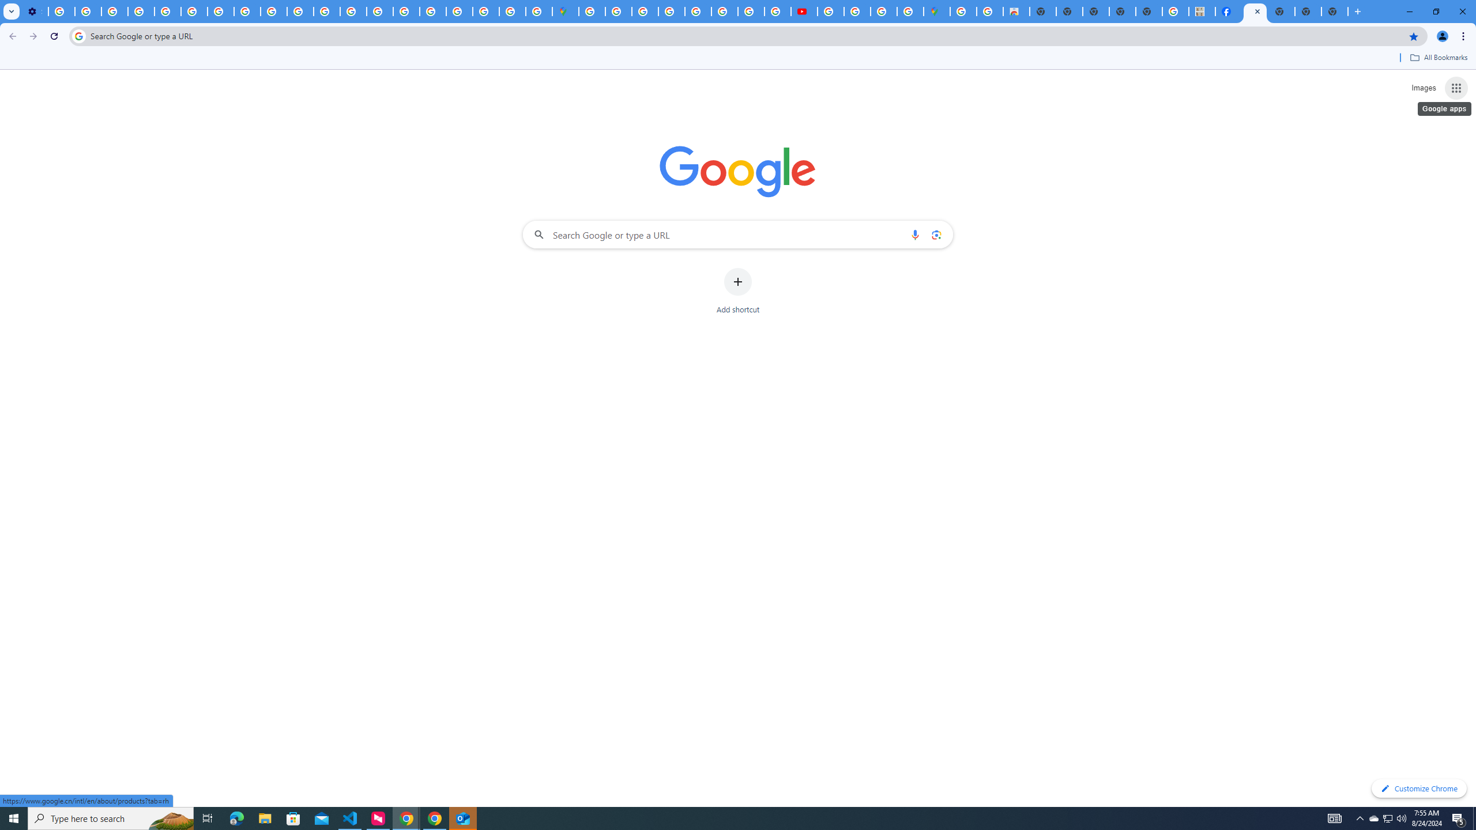 This screenshot has height=830, width=1476. I want to click on 'Subscriptions - YouTube', so click(803, 11).